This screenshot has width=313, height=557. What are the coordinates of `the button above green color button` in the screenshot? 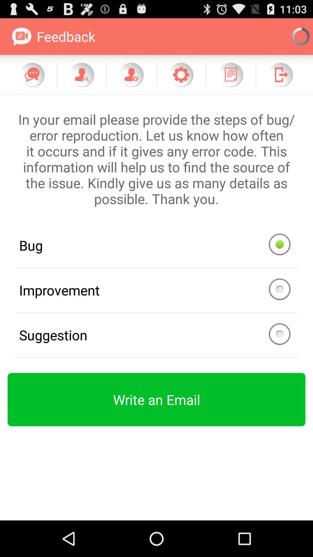 It's located at (156, 335).